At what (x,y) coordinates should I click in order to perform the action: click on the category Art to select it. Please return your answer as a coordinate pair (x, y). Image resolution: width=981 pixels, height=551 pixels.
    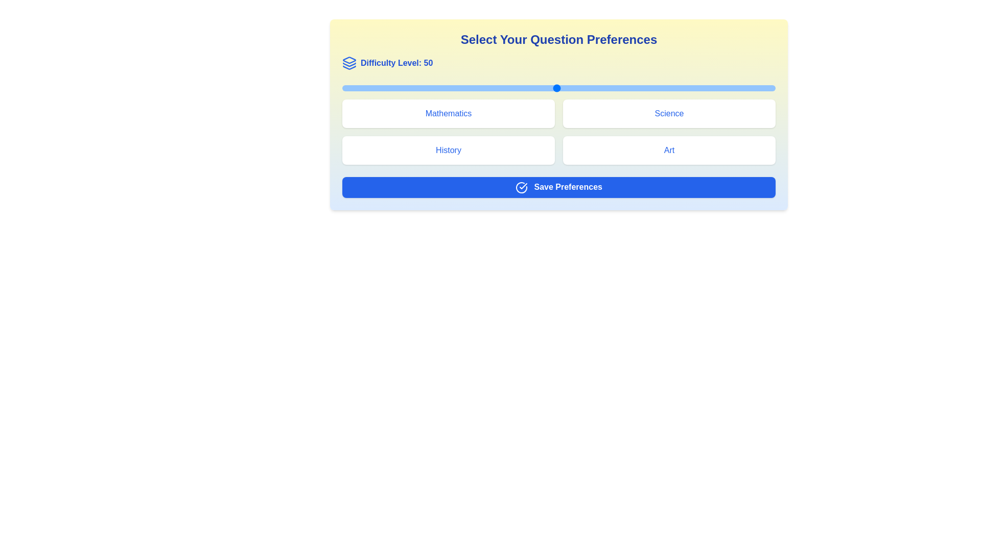
    Looking at the image, I should click on (669, 150).